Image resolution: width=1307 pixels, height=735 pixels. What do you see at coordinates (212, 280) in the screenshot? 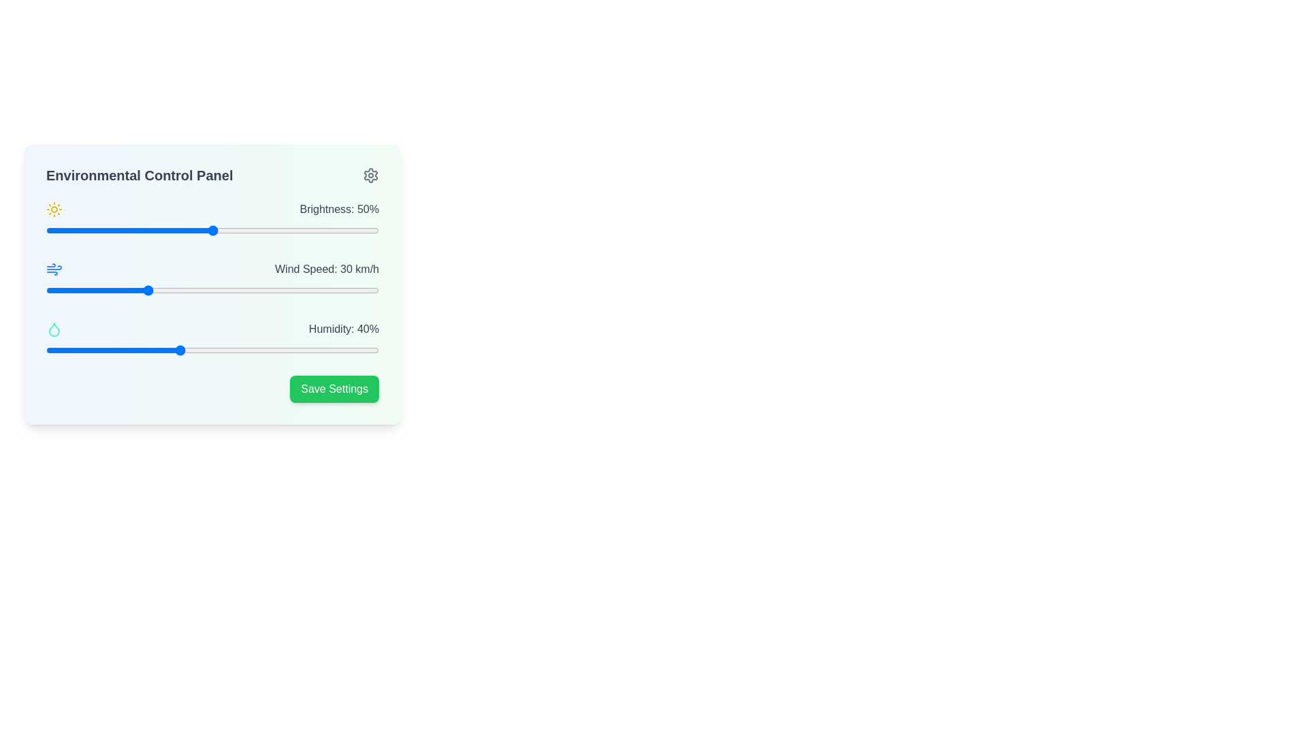
I see `the sliders in the 'Environmental Control Panel' section to adjust brightness, wind speed, and humidity settings` at bounding box center [212, 280].